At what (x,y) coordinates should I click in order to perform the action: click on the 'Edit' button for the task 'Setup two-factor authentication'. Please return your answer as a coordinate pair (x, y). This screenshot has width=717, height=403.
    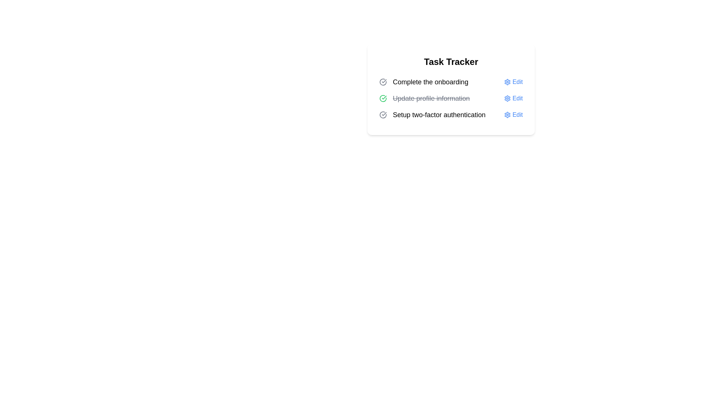
    Looking at the image, I should click on (513, 115).